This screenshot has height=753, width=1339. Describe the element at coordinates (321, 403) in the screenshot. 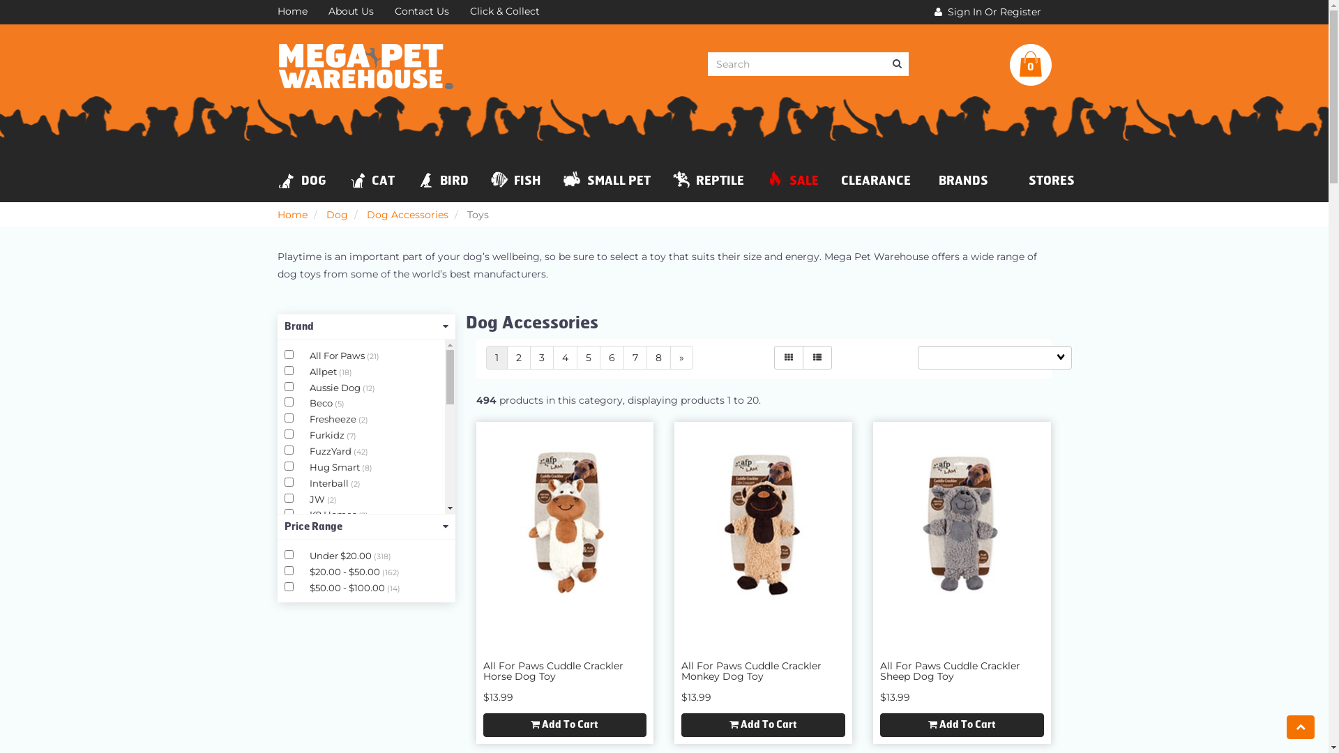

I see `'Beco'` at that location.